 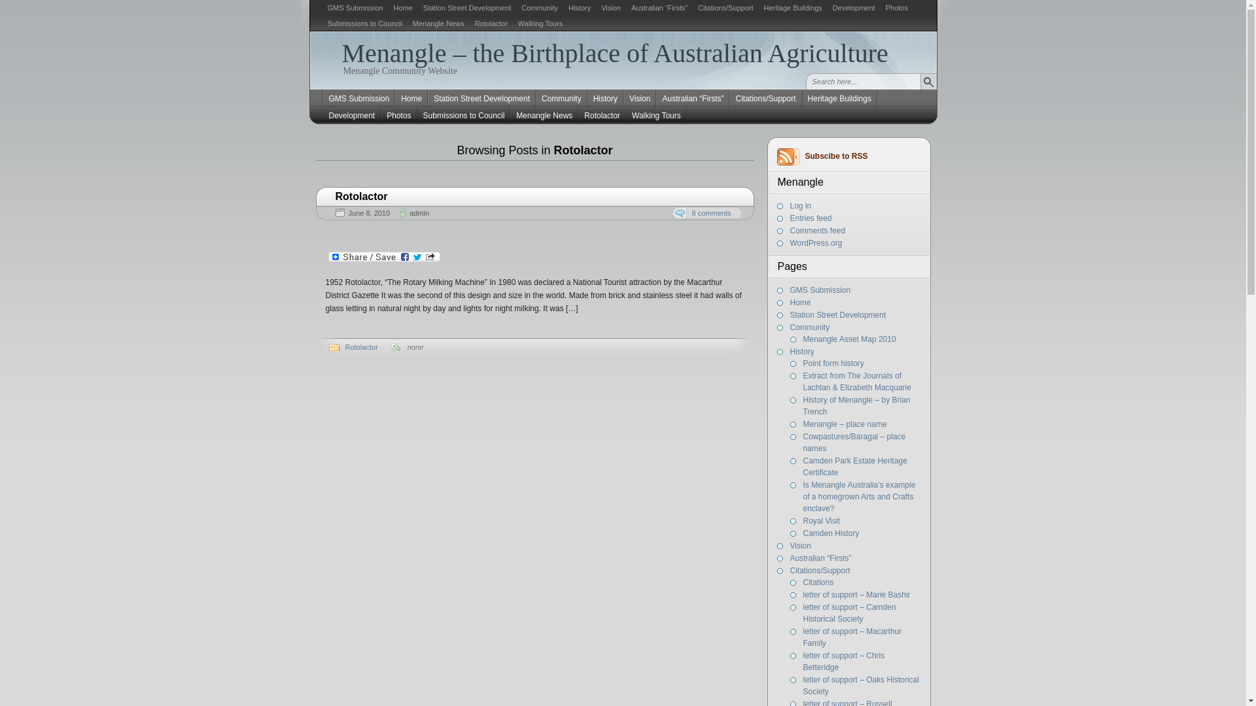 What do you see at coordinates (857, 381) in the screenshot?
I see `'Extract from The Journals of Lachlan & Elizabeth Macquarie'` at bounding box center [857, 381].